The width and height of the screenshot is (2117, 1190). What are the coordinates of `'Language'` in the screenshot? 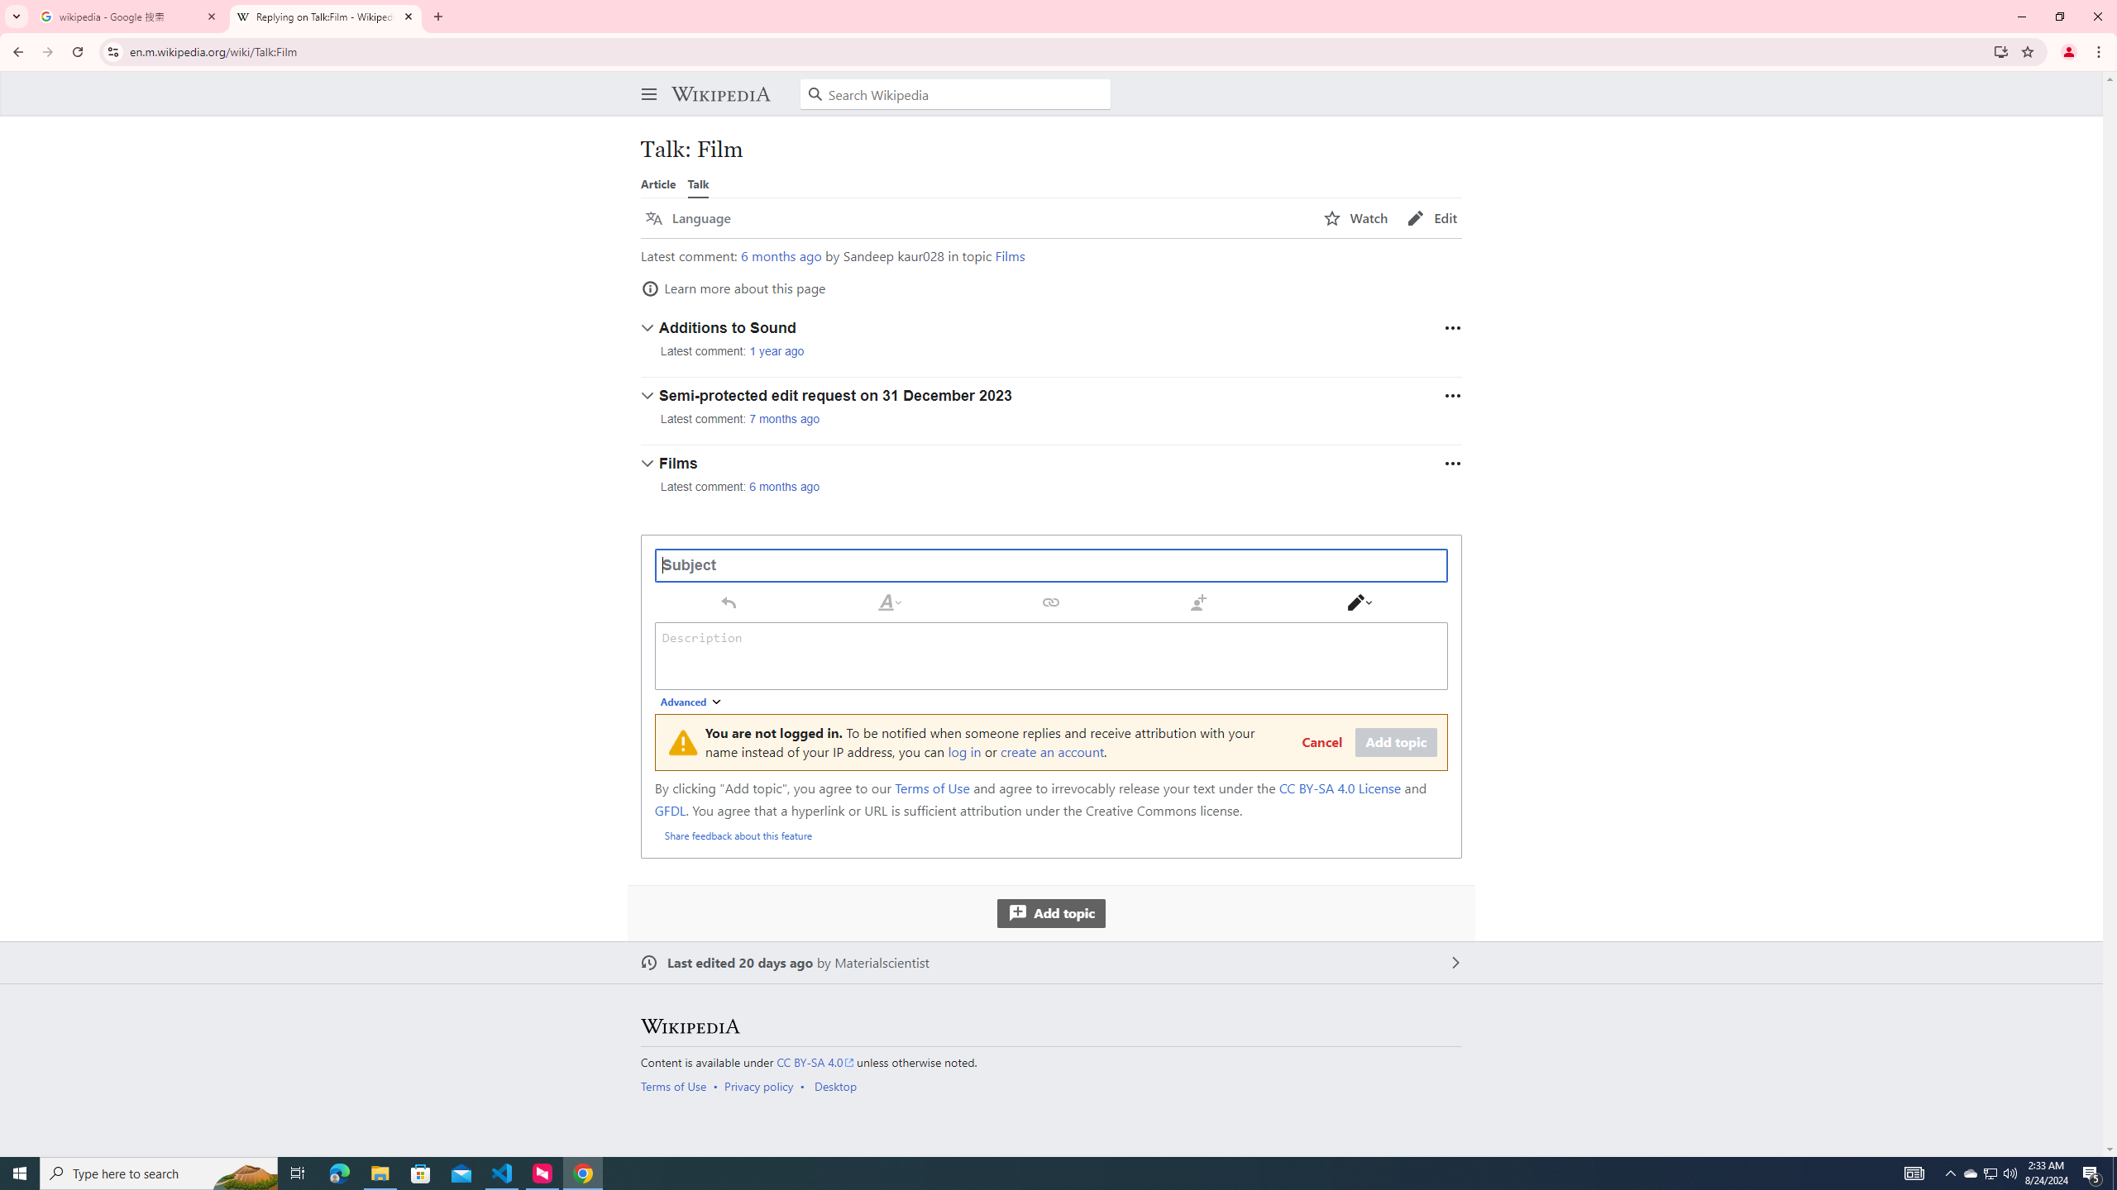 It's located at (687, 218).